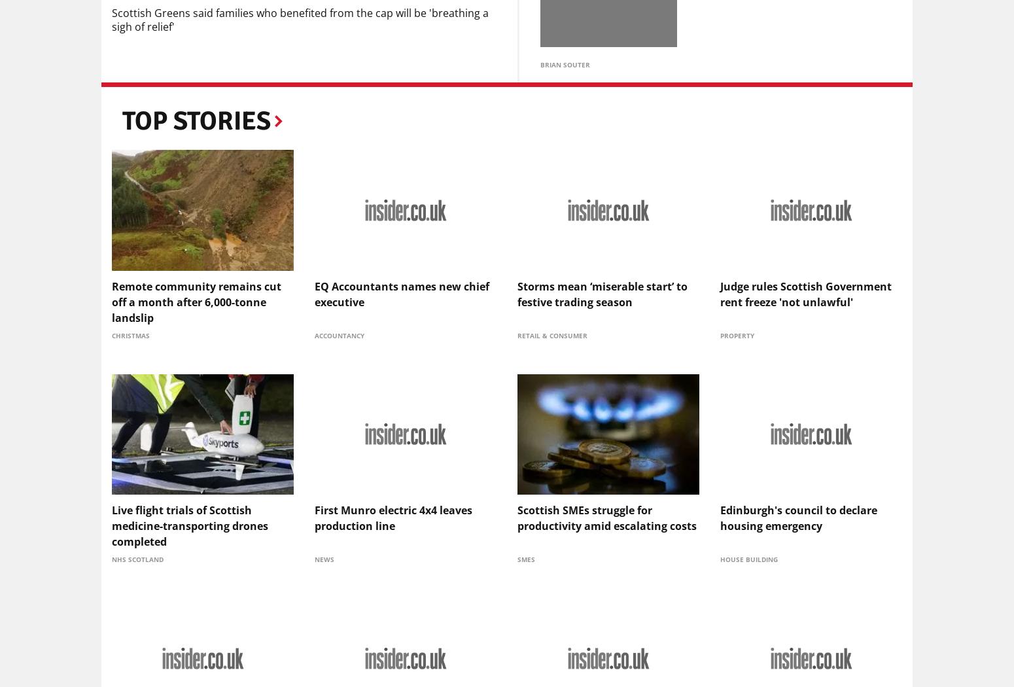 The image size is (1014, 687). I want to click on 'Brian Souter', so click(539, 65).